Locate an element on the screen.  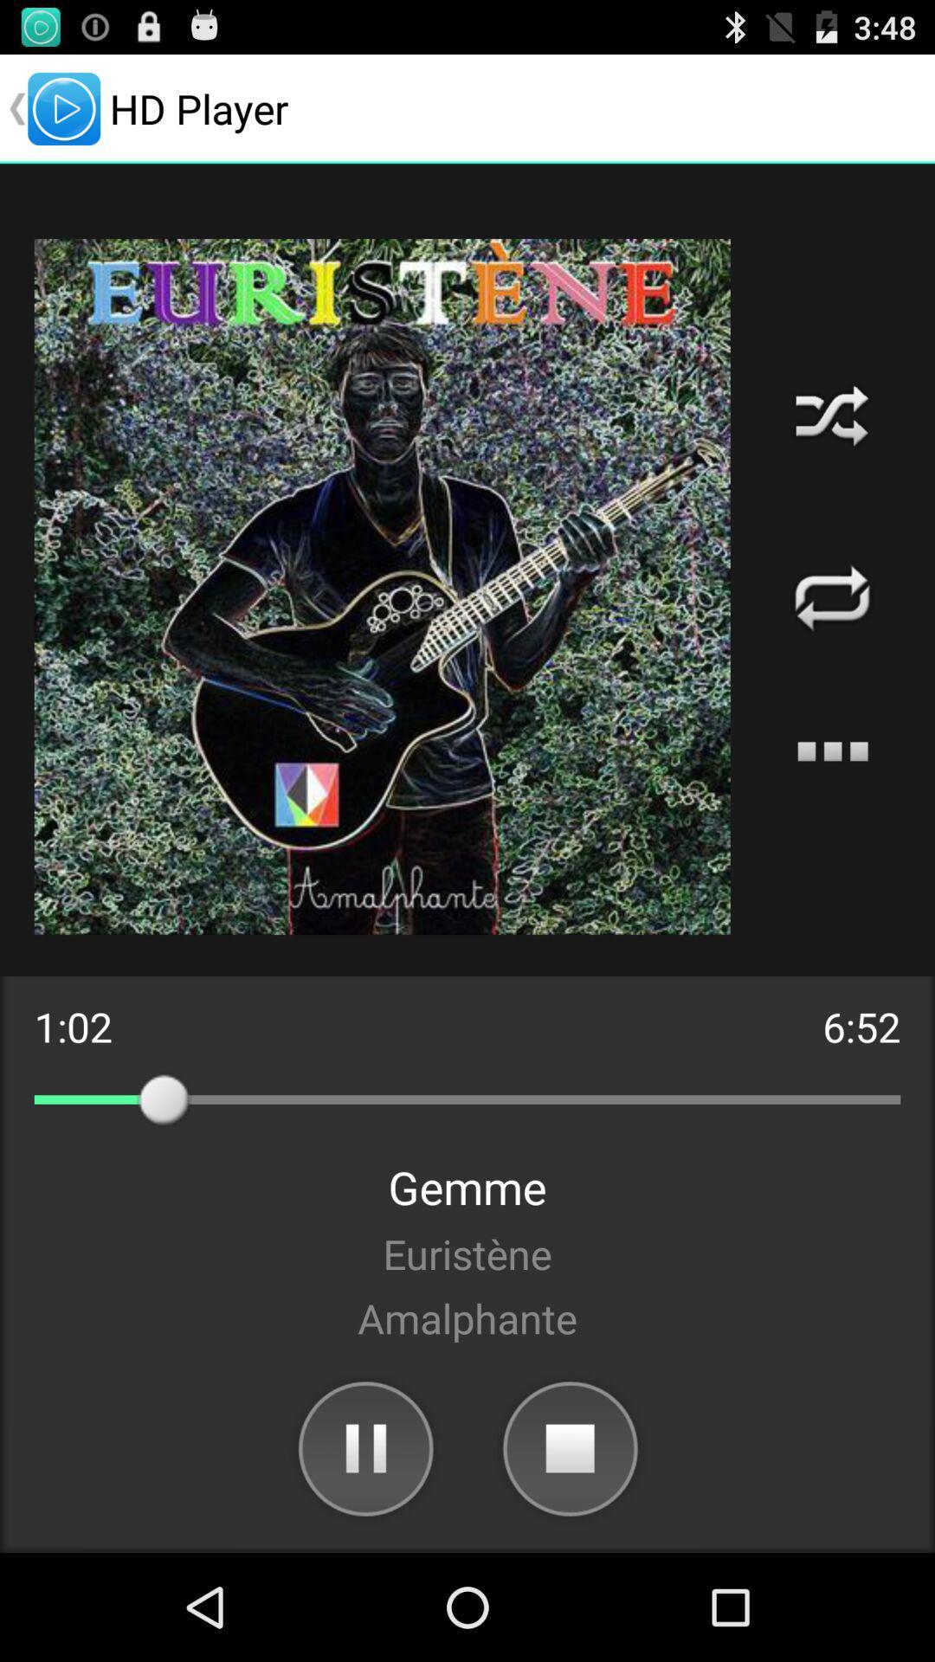
icon at the top right corner is located at coordinates (831, 415).